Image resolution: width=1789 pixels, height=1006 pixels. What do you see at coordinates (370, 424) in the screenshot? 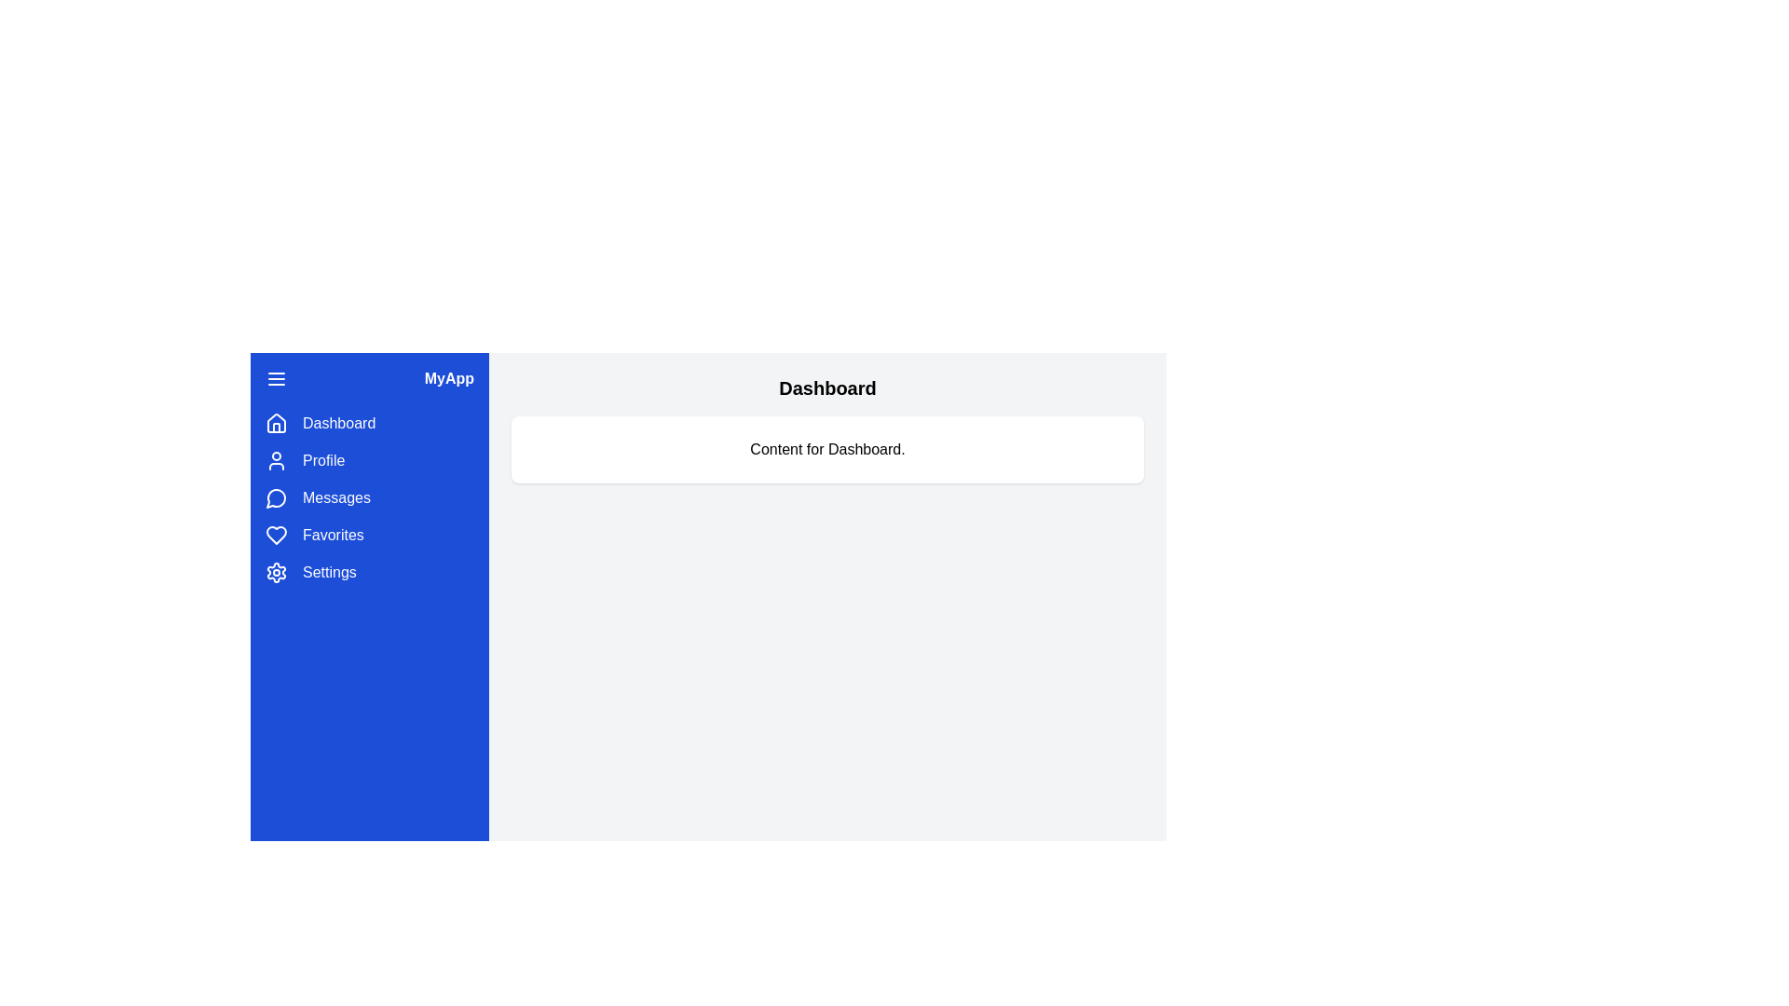
I see `the navigation button located at the top of the vertical list in the left sidebar to trigger a visual change` at bounding box center [370, 424].